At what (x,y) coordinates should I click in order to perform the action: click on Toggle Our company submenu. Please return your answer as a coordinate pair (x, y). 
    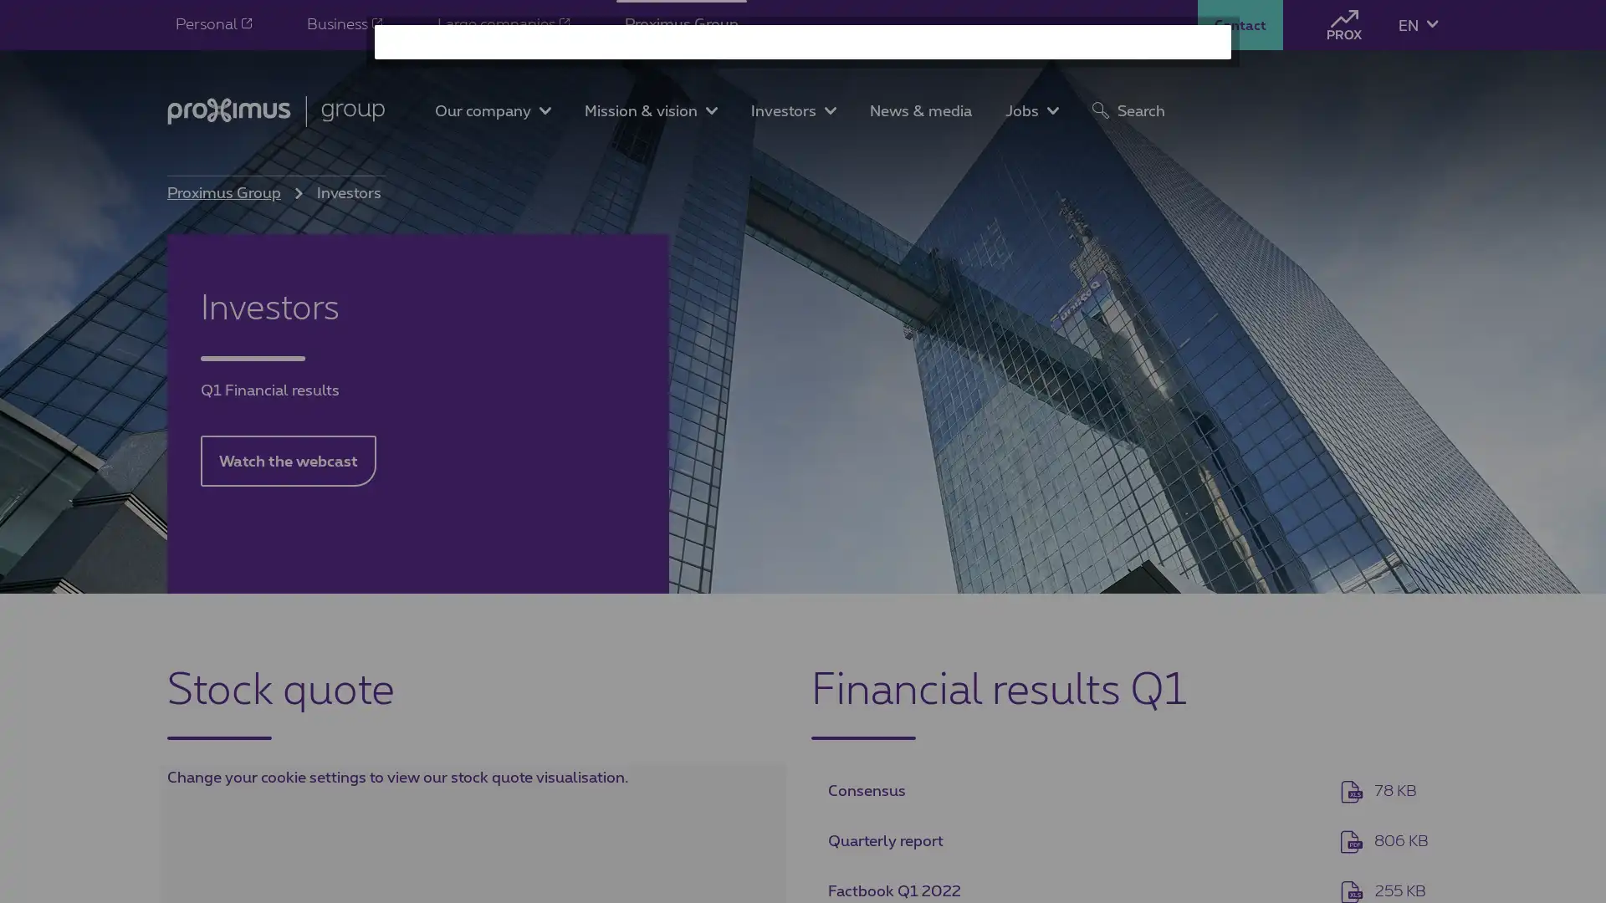
    Looking at the image, I should click on (492, 110).